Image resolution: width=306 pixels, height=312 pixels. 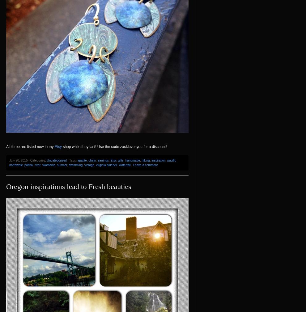 What do you see at coordinates (77, 160) in the screenshot?
I see `'apatite'` at bounding box center [77, 160].